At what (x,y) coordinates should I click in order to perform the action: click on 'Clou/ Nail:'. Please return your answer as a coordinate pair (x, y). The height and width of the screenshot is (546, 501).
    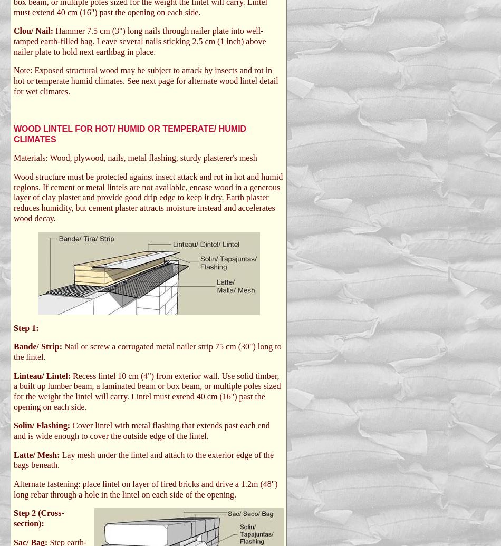
    Looking at the image, I should click on (34, 31).